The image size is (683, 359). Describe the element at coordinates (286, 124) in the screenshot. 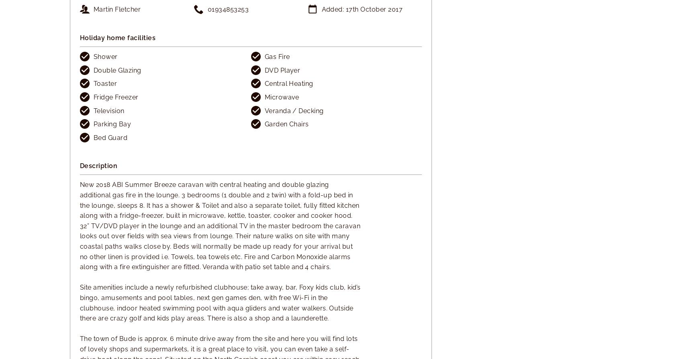

I see `'Garden Chairs'` at that location.